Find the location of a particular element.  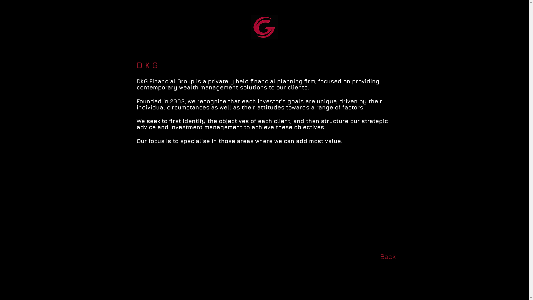

'Back' is located at coordinates (387, 256).